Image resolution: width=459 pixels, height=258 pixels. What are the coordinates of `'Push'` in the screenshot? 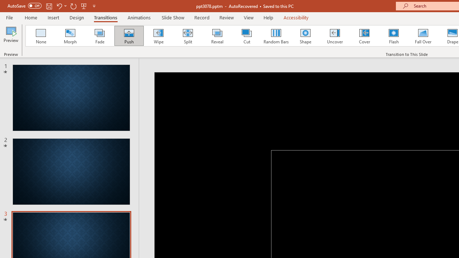 It's located at (129, 36).